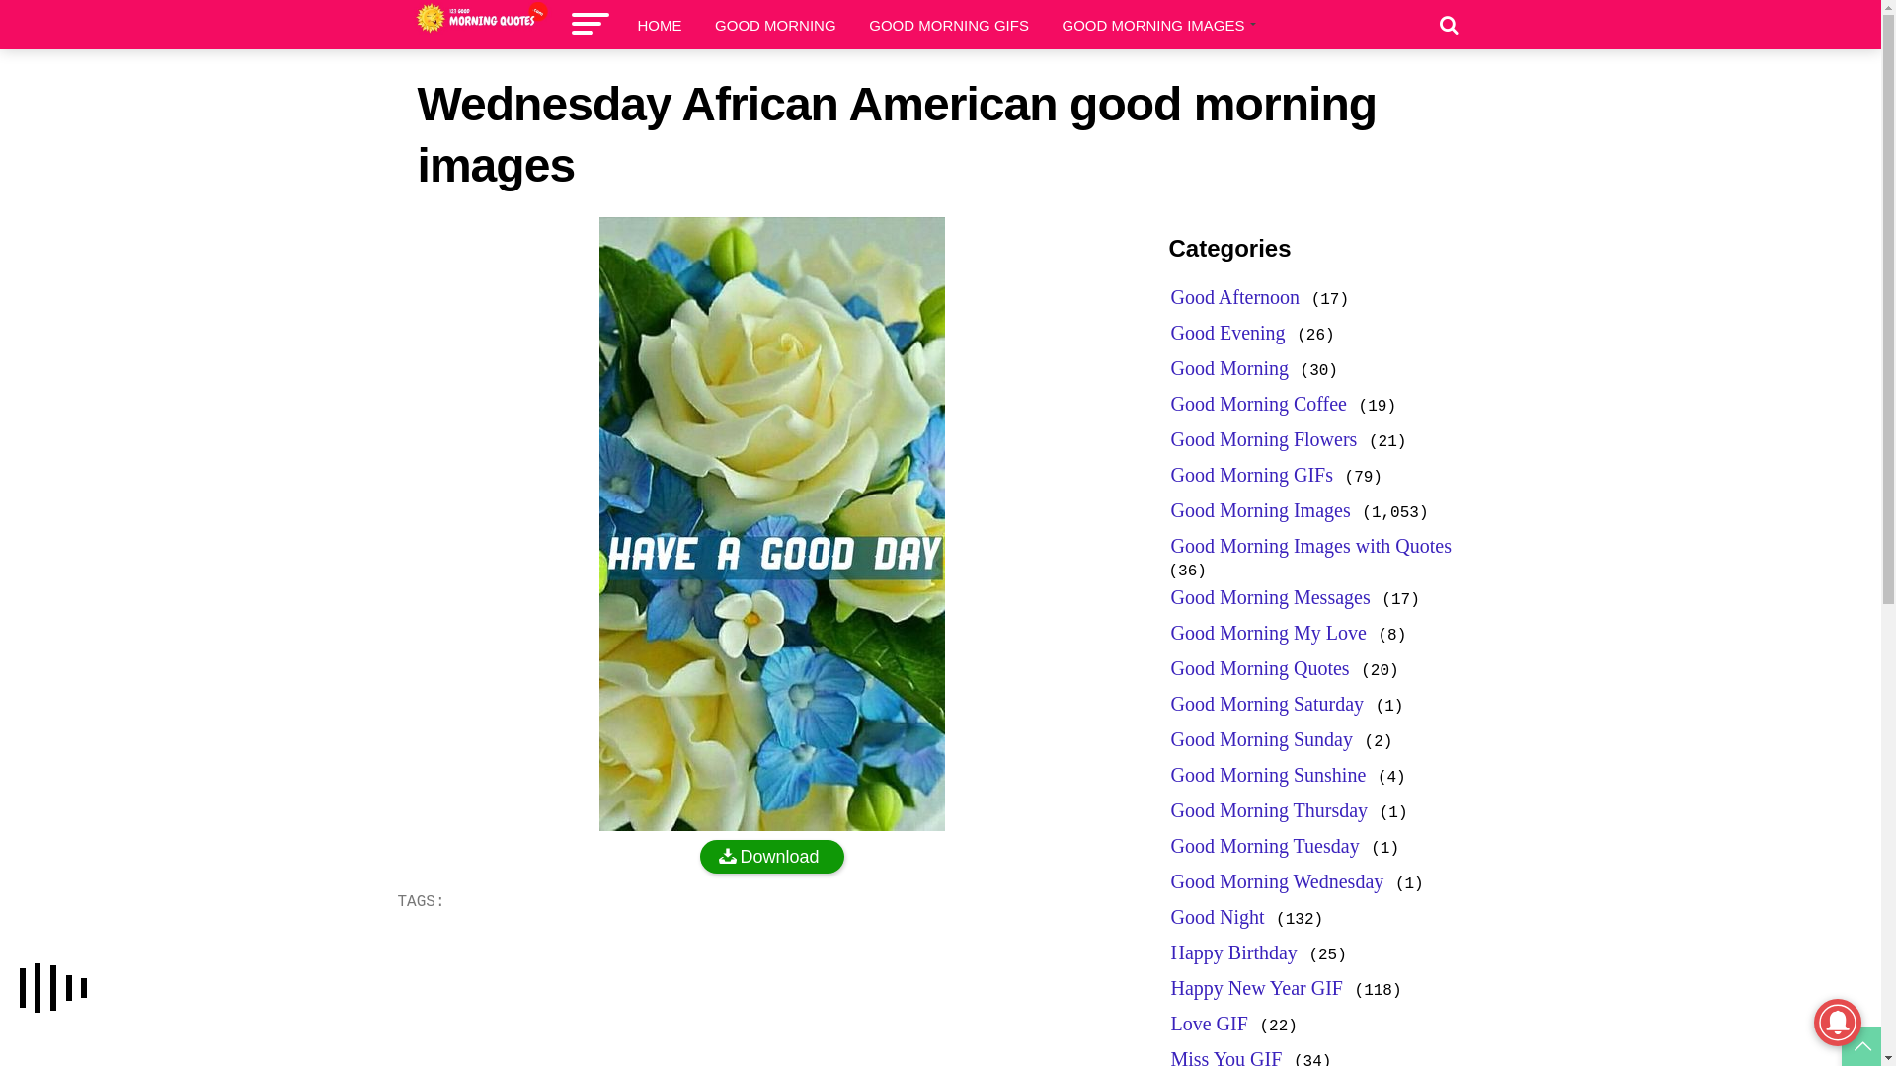 This screenshot has width=1896, height=1066. I want to click on 'GOOD MORNING GIFS', so click(948, 25).